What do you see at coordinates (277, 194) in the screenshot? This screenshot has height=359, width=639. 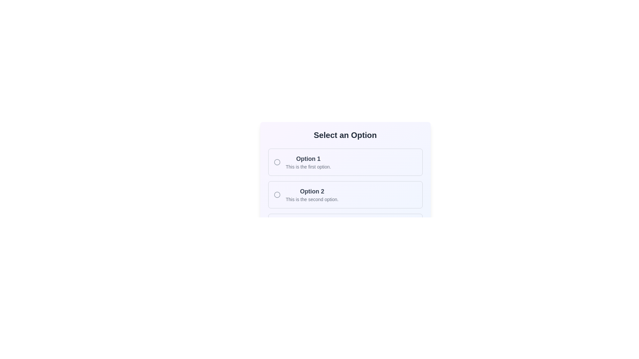 I see `the unselected radio button for 'Option 2'` at bounding box center [277, 194].